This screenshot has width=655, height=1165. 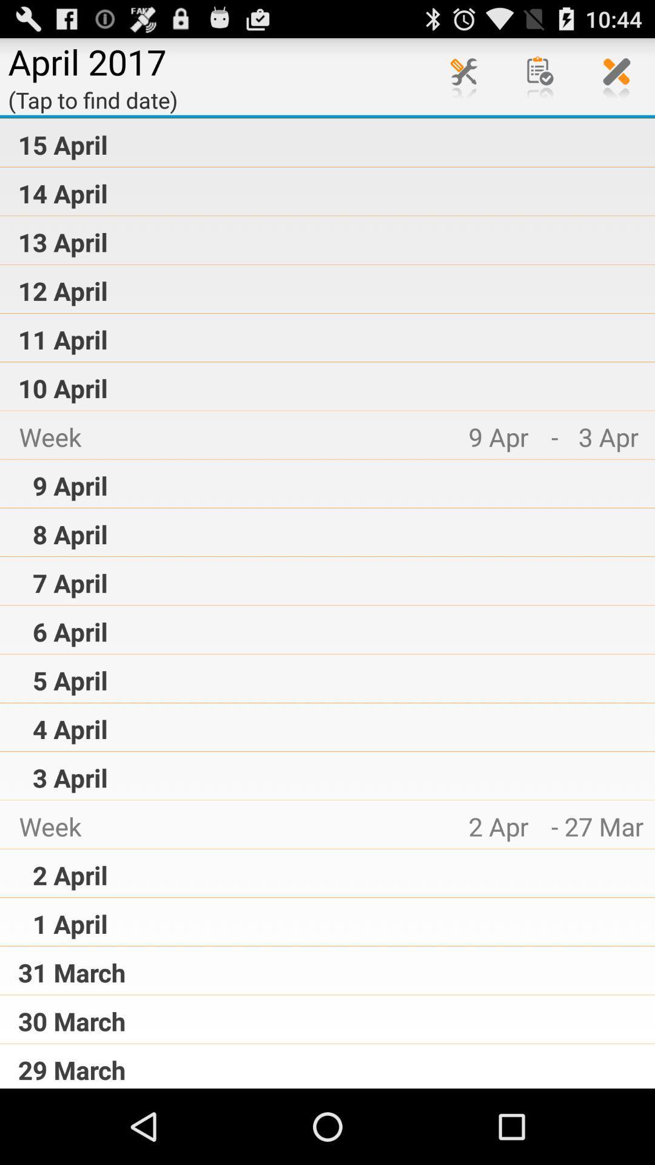 What do you see at coordinates (540, 75) in the screenshot?
I see `getting started` at bounding box center [540, 75].